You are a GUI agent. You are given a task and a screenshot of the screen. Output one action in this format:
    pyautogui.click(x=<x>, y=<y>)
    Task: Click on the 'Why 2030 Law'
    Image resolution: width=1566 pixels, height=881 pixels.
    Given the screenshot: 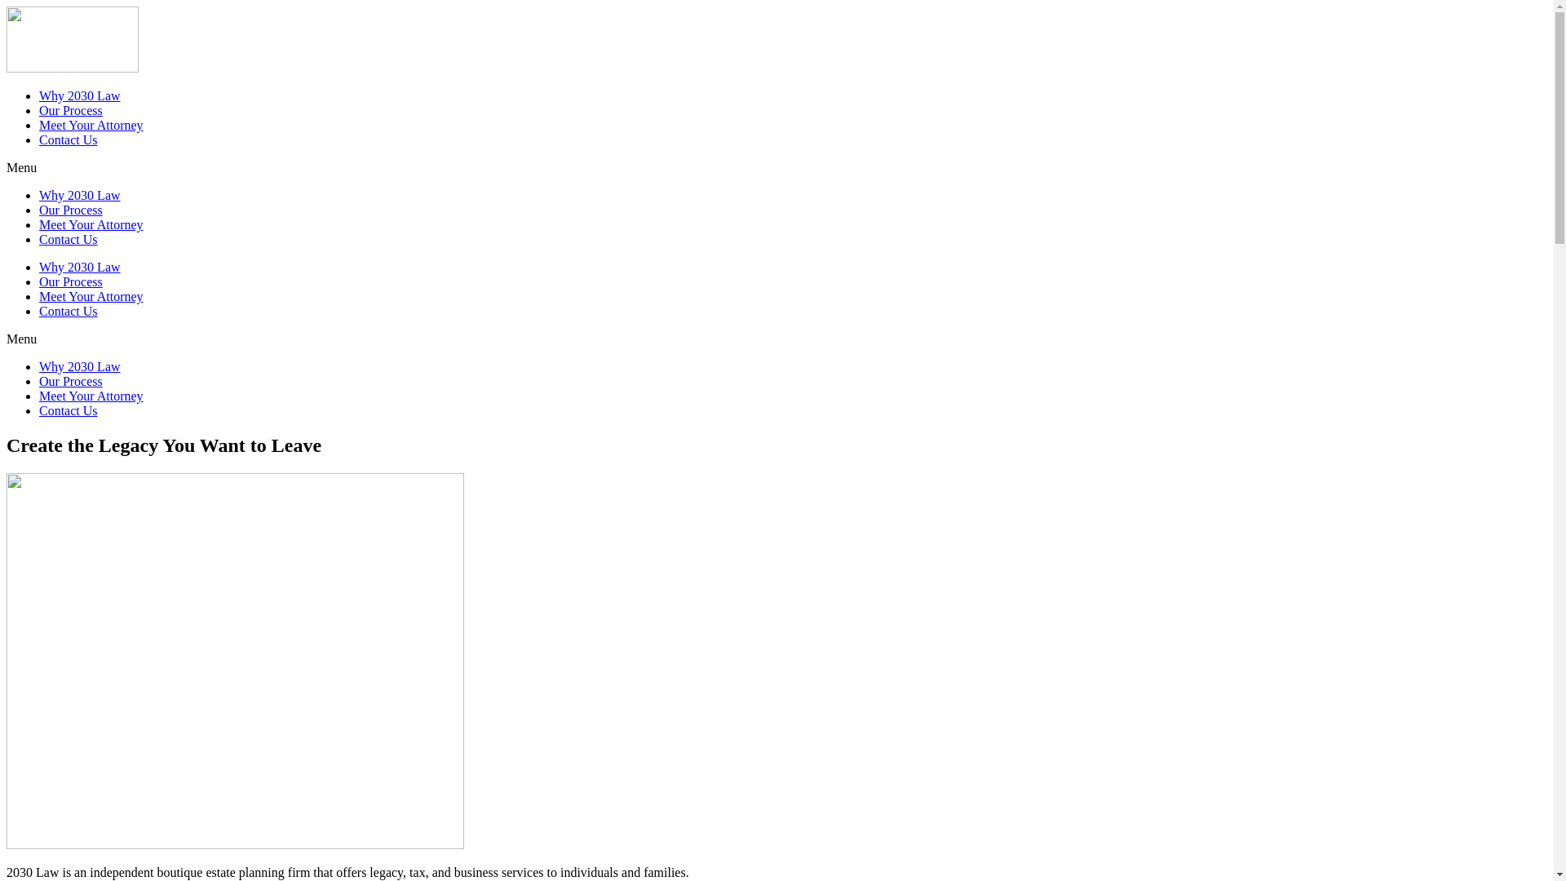 What is the action you would take?
    pyautogui.click(x=39, y=365)
    